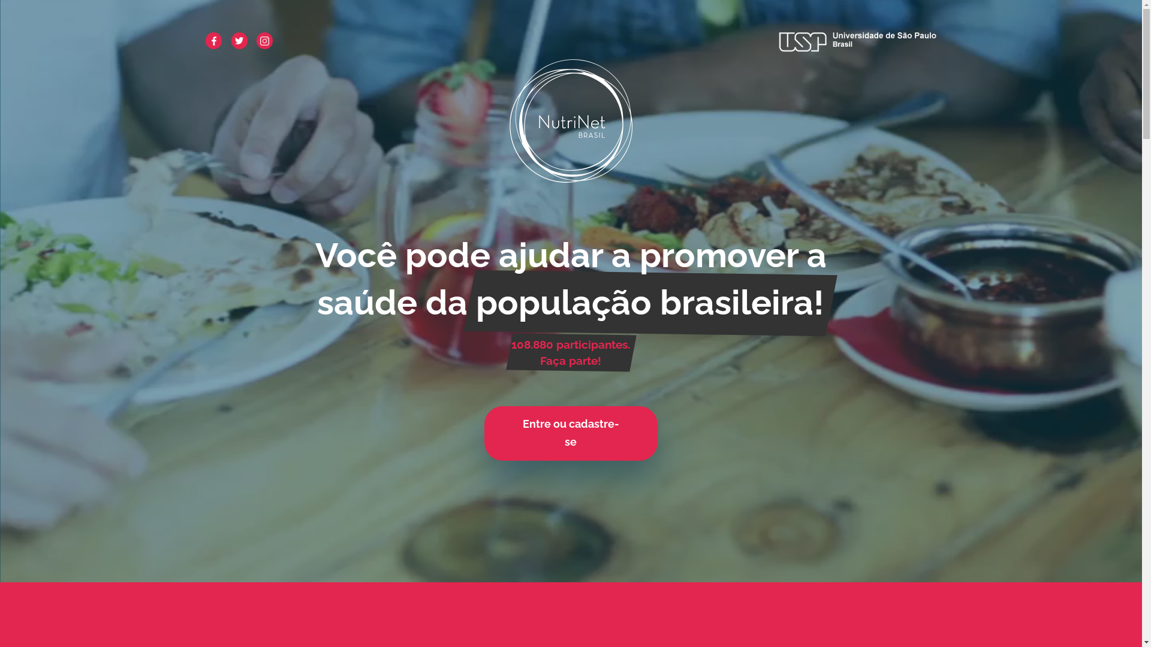  Describe the element at coordinates (255, 40) in the screenshot. I see `'instagram'` at that location.